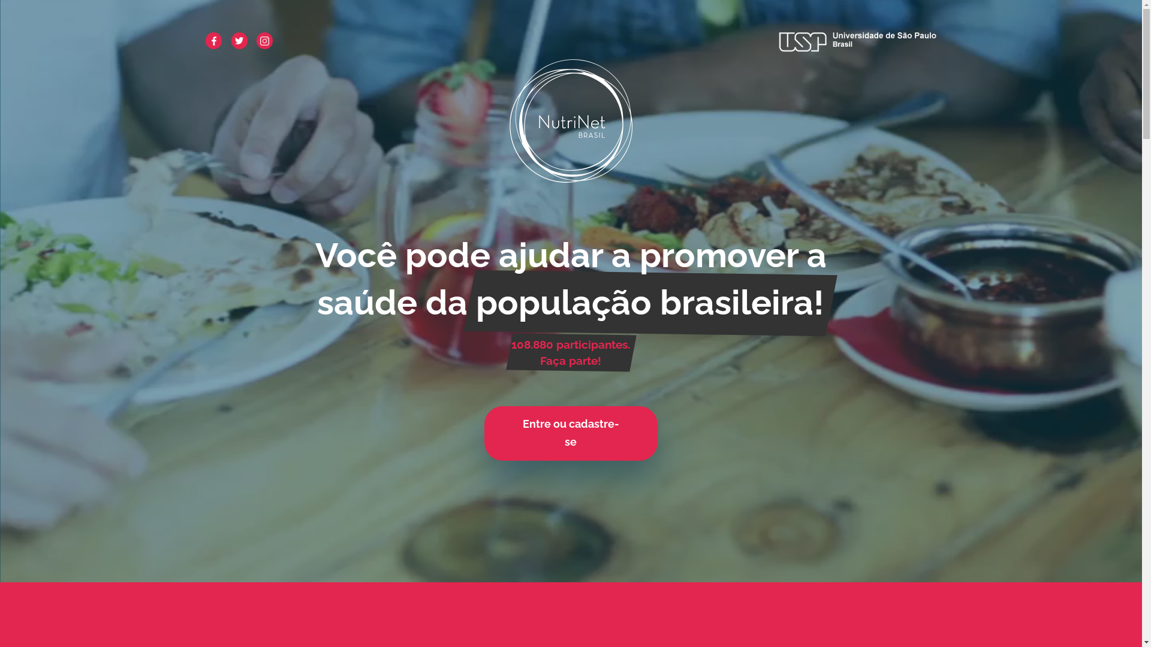  Describe the element at coordinates (255, 40) in the screenshot. I see `'instagram'` at that location.